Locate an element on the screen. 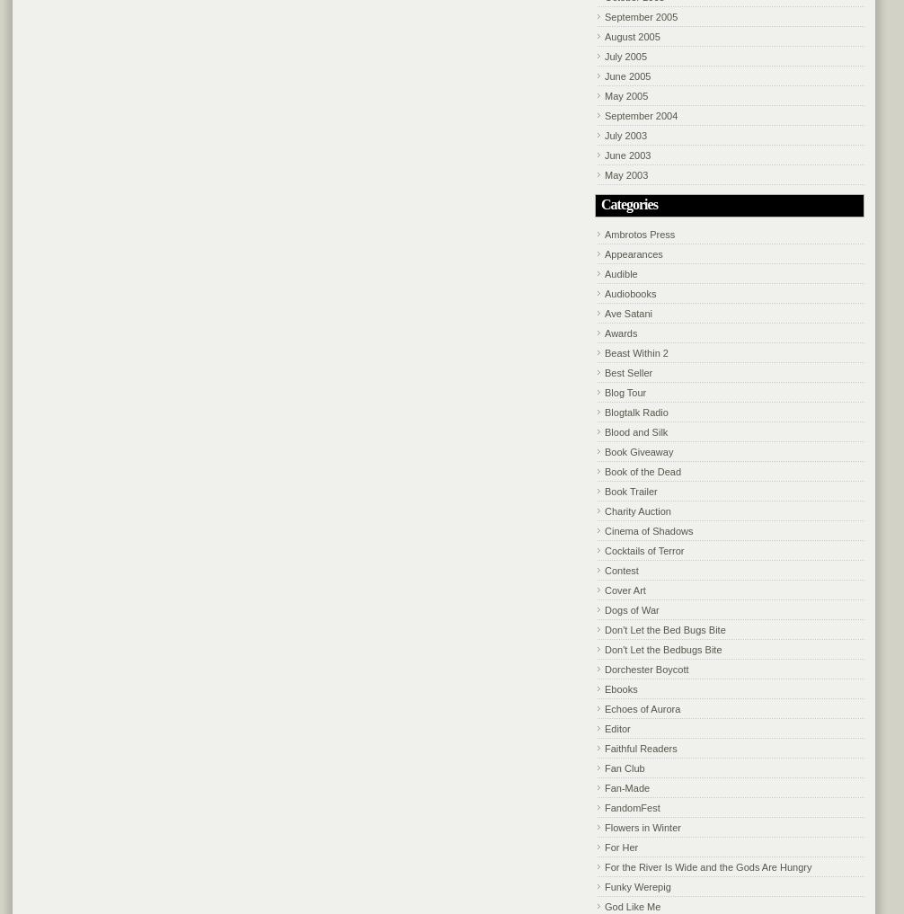 This screenshot has height=914, width=904. 'Categories' is located at coordinates (628, 203).